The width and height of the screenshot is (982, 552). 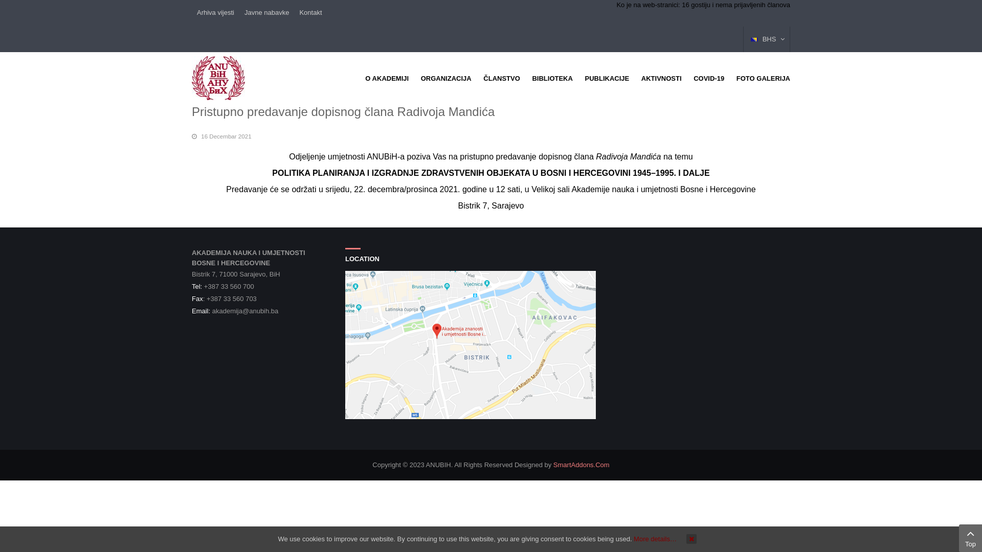 What do you see at coordinates (218, 77) in the screenshot?
I see `'ANUBIH'` at bounding box center [218, 77].